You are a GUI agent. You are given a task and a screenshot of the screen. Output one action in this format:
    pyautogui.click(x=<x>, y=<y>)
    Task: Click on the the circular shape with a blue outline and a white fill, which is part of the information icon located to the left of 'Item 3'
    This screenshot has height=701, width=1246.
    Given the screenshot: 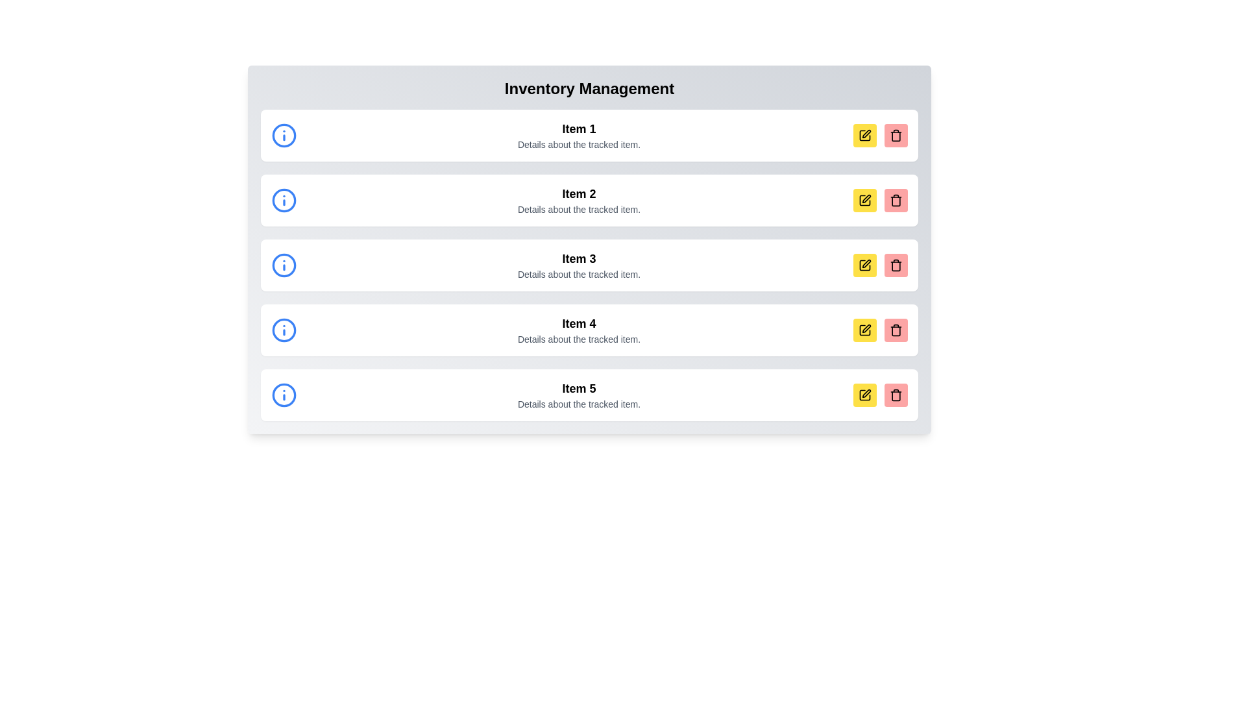 What is the action you would take?
    pyautogui.click(x=283, y=264)
    